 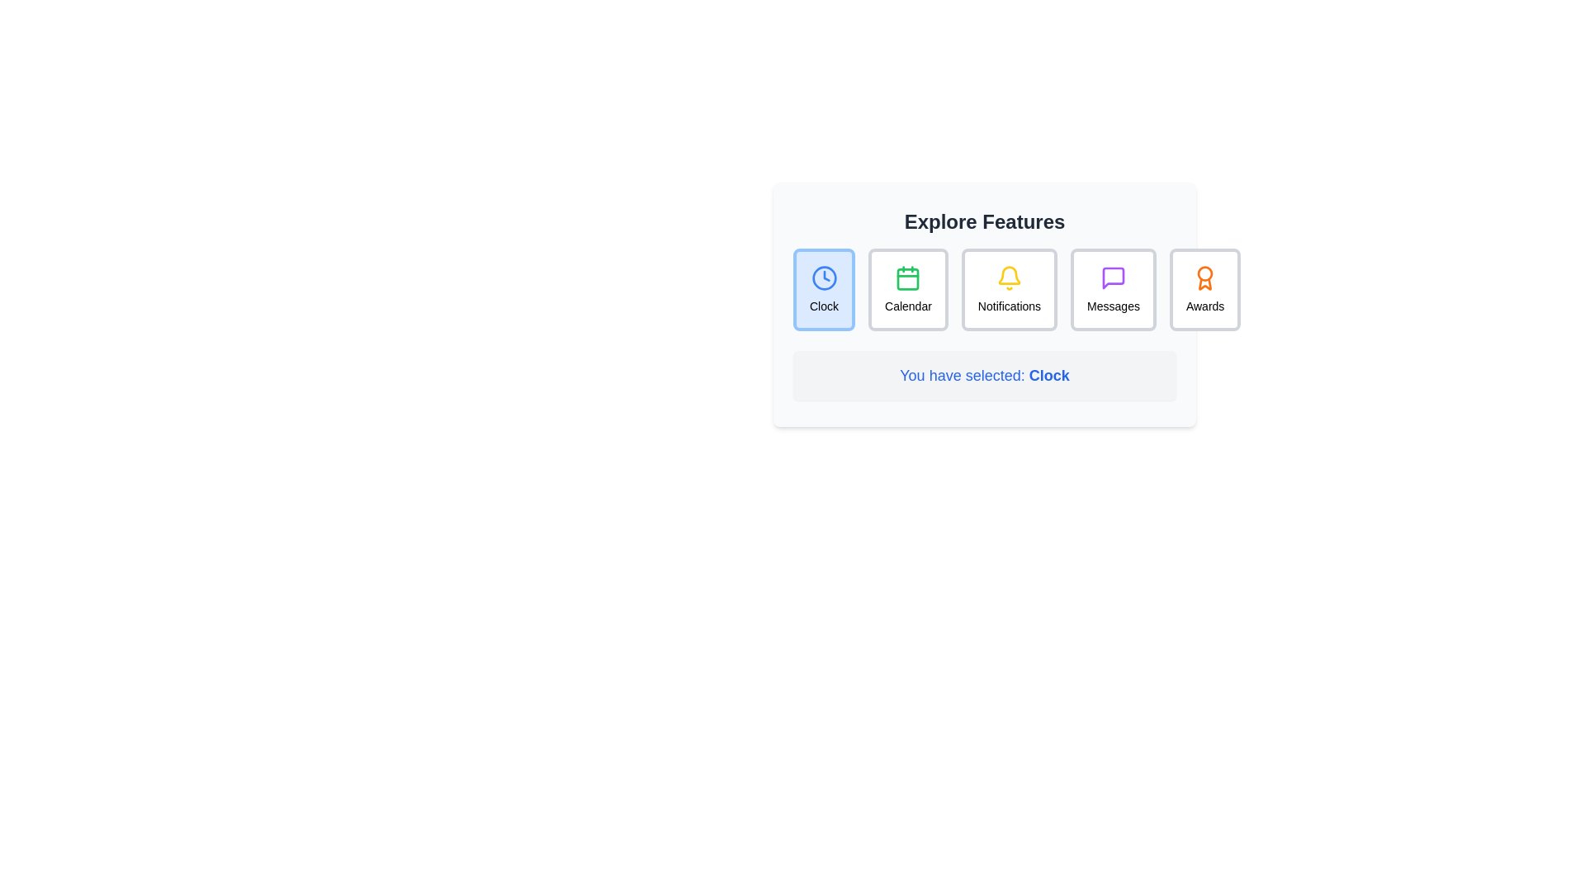 What do you see at coordinates (1009, 277) in the screenshot?
I see `the bell icon in the Notifications section, which serves as a visual indicator for notifications` at bounding box center [1009, 277].